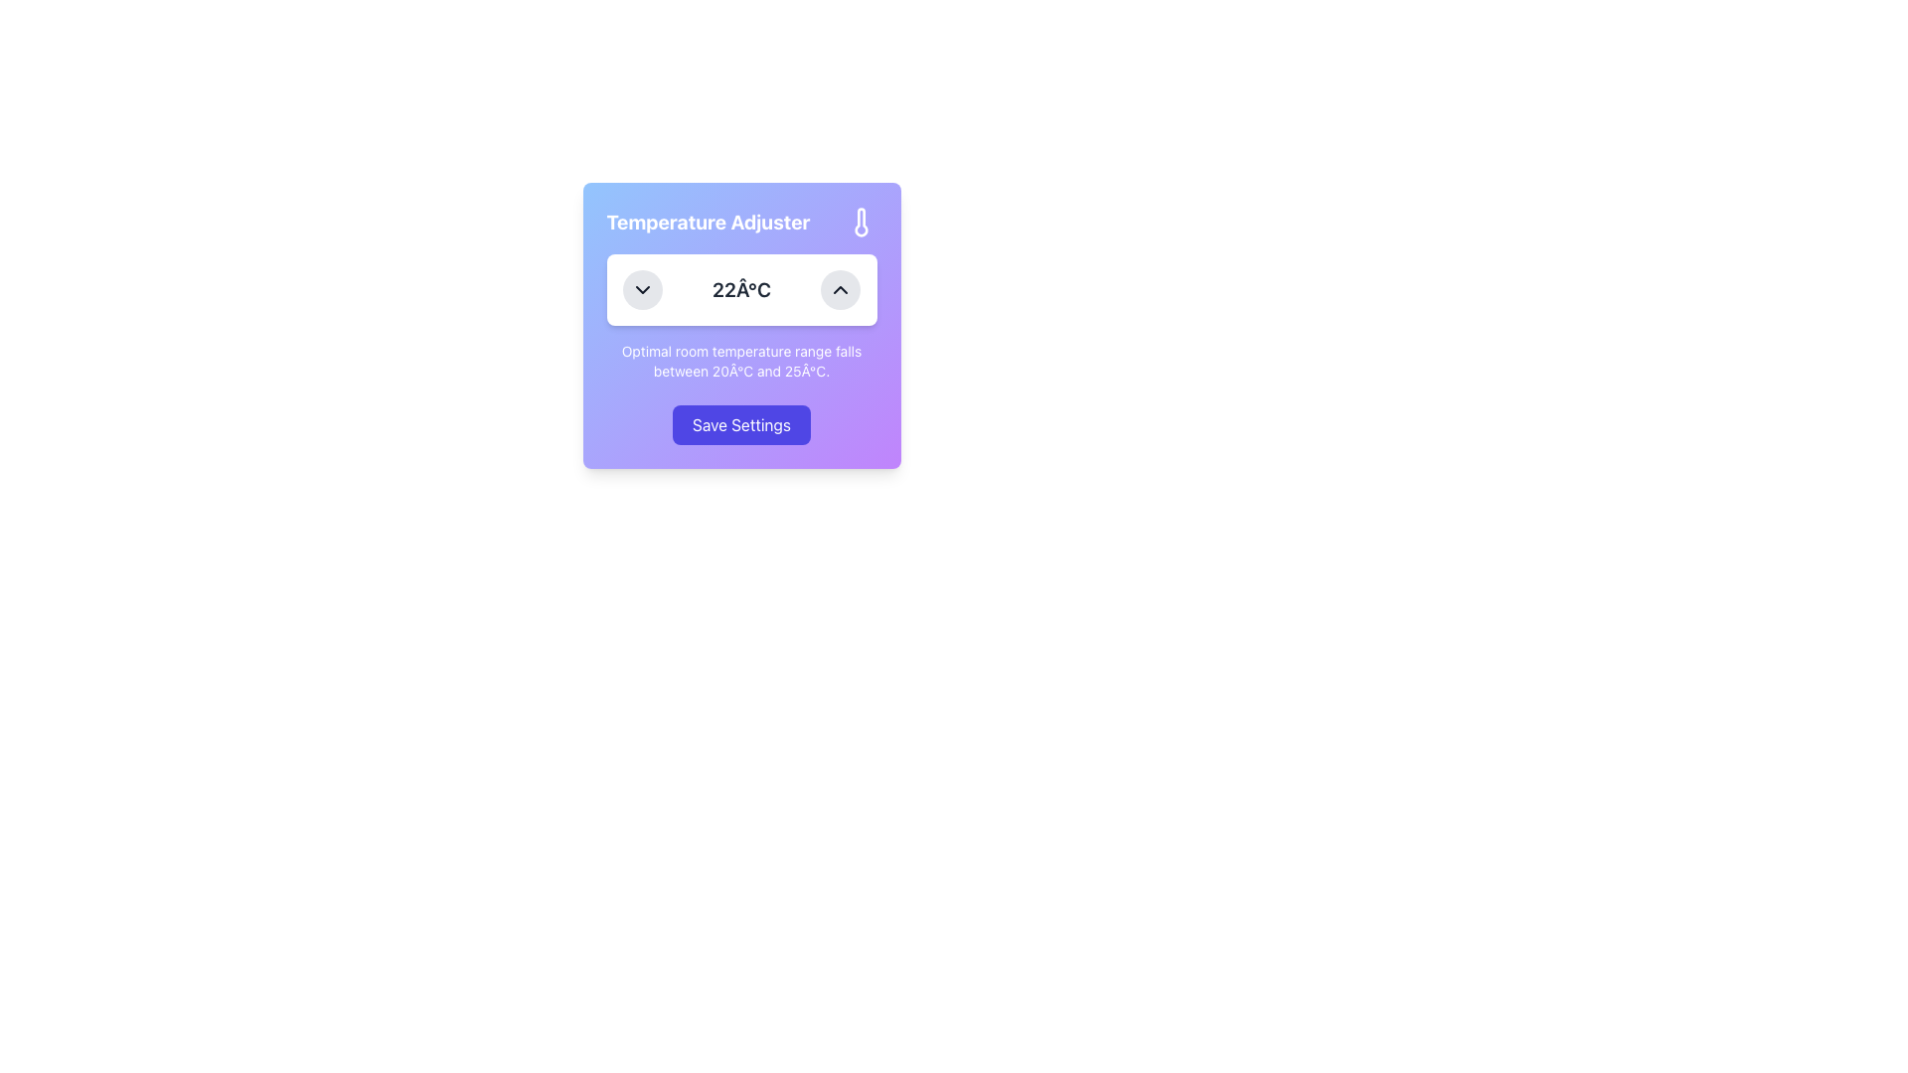  Describe the element at coordinates (740, 361) in the screenshot. I see `the text block that displays the message 'Optimal room temperature range falls between 20°C and 25°C.', which is centrally aligned and positioned below the temperature display` at that location.